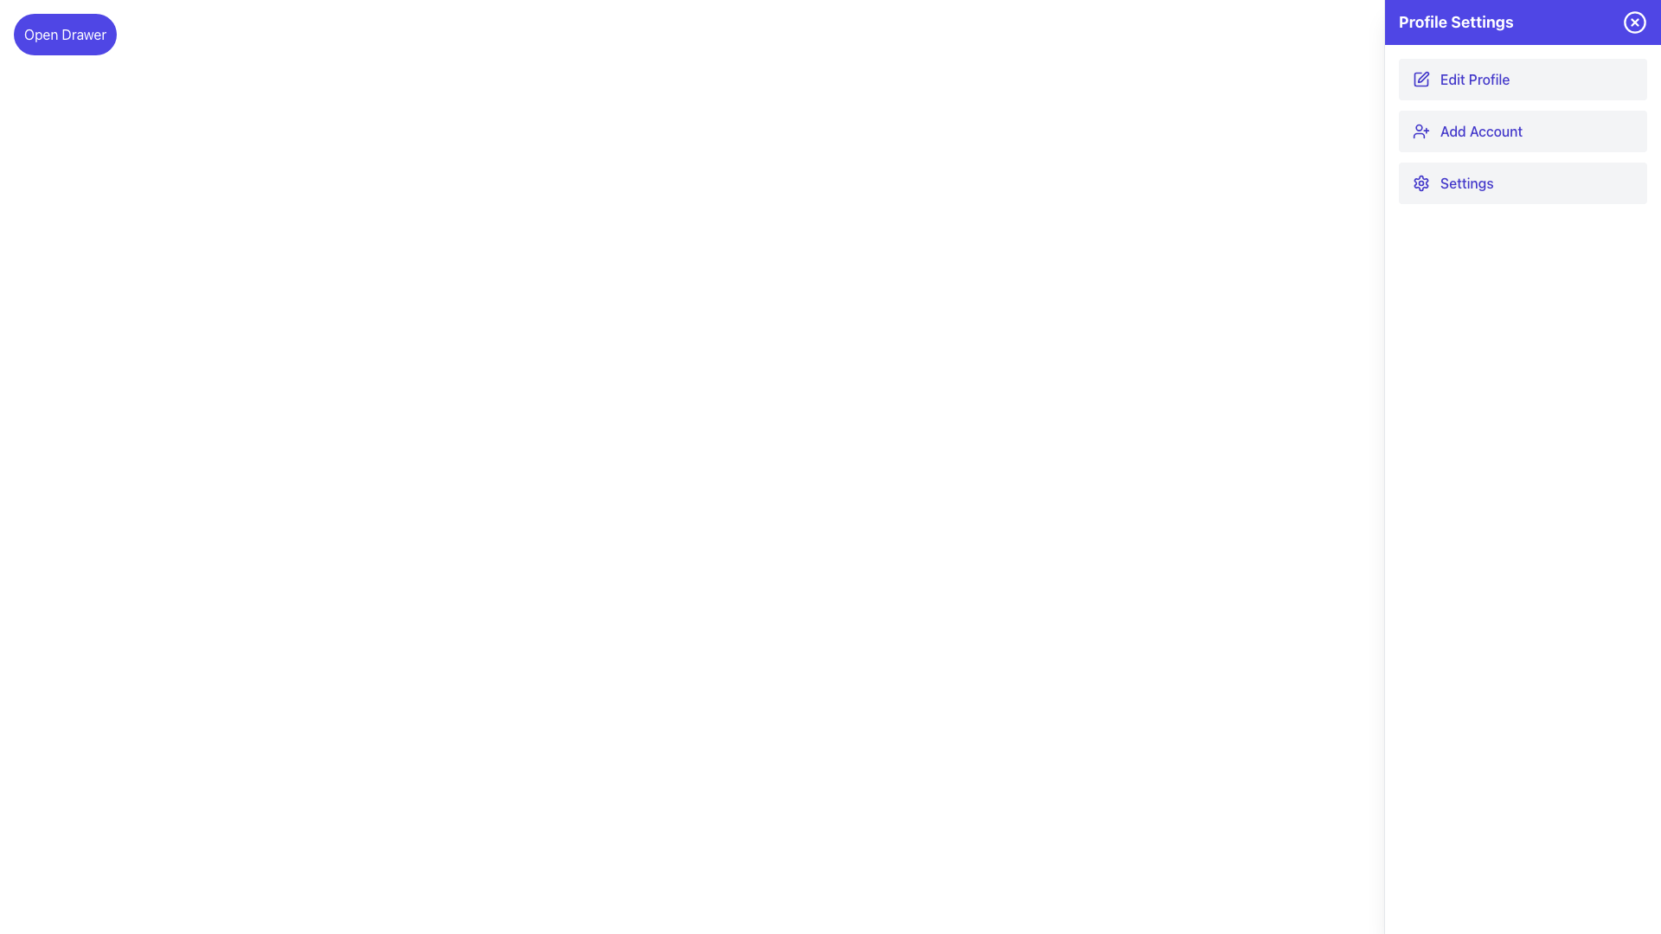 The width and height of the screenshot is (1661, 934). What do you see at coordinates (1480, 130) in the screenshot?
I see `the second text label in the vertical list within the profile settings panel to initiate the process of adding a new account` at bounding box center [1480, 130].